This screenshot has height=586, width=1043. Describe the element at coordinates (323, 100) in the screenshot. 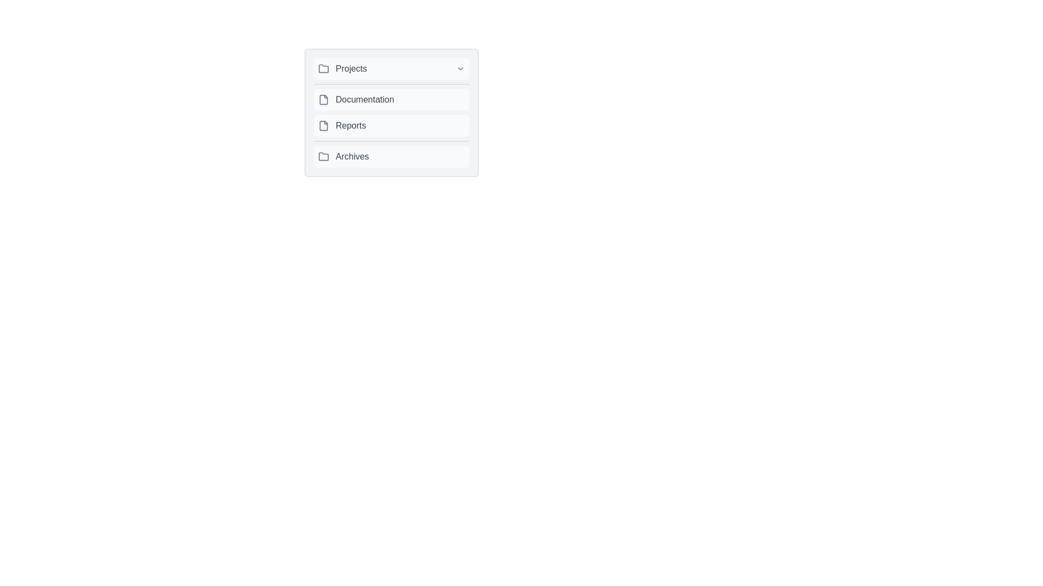

I see `the SVG-based icon representing 'Documentation' located at the top-left corner of the second list item` at that location.